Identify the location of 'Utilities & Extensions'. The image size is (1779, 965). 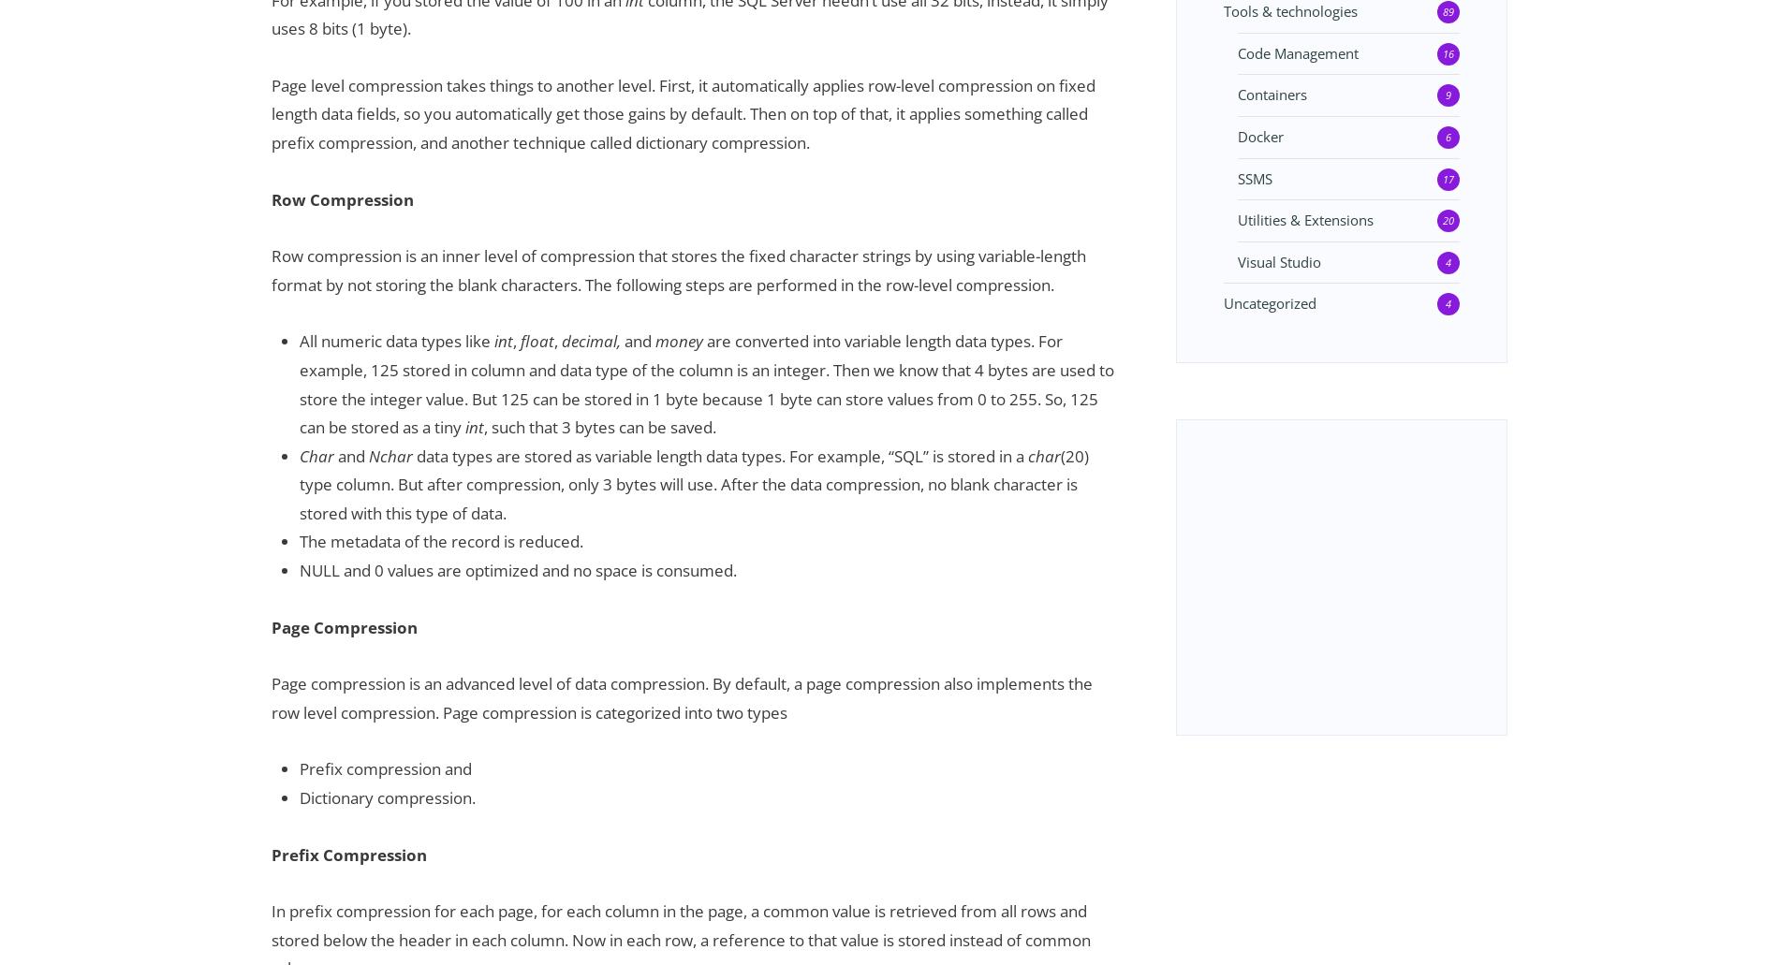
(1304, 219).